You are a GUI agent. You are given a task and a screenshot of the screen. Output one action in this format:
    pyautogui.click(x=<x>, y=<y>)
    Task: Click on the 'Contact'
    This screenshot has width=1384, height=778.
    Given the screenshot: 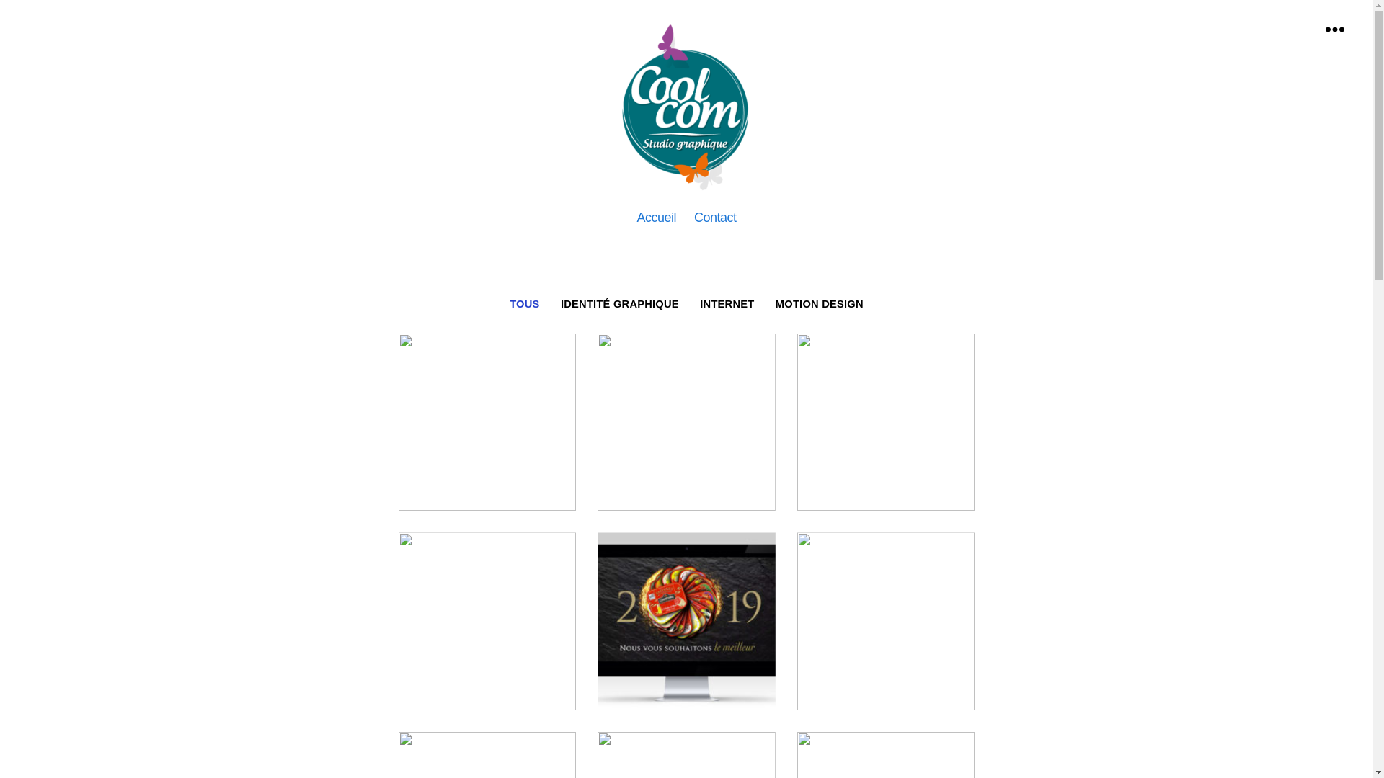 What is the action you would take?
    pyautogui.click(x=715, y=218)
    